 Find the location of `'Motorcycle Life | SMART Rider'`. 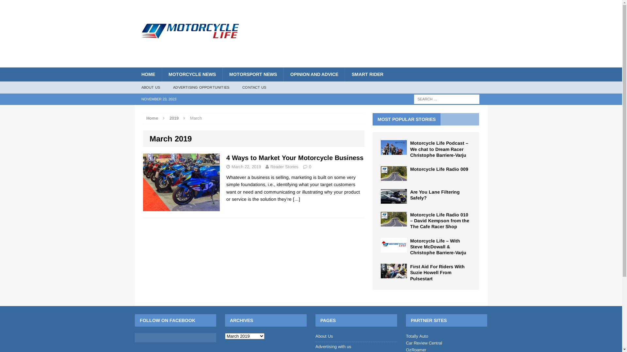

'Motorcycle Life | SMART Rider' is located at coordinates (190, 22).